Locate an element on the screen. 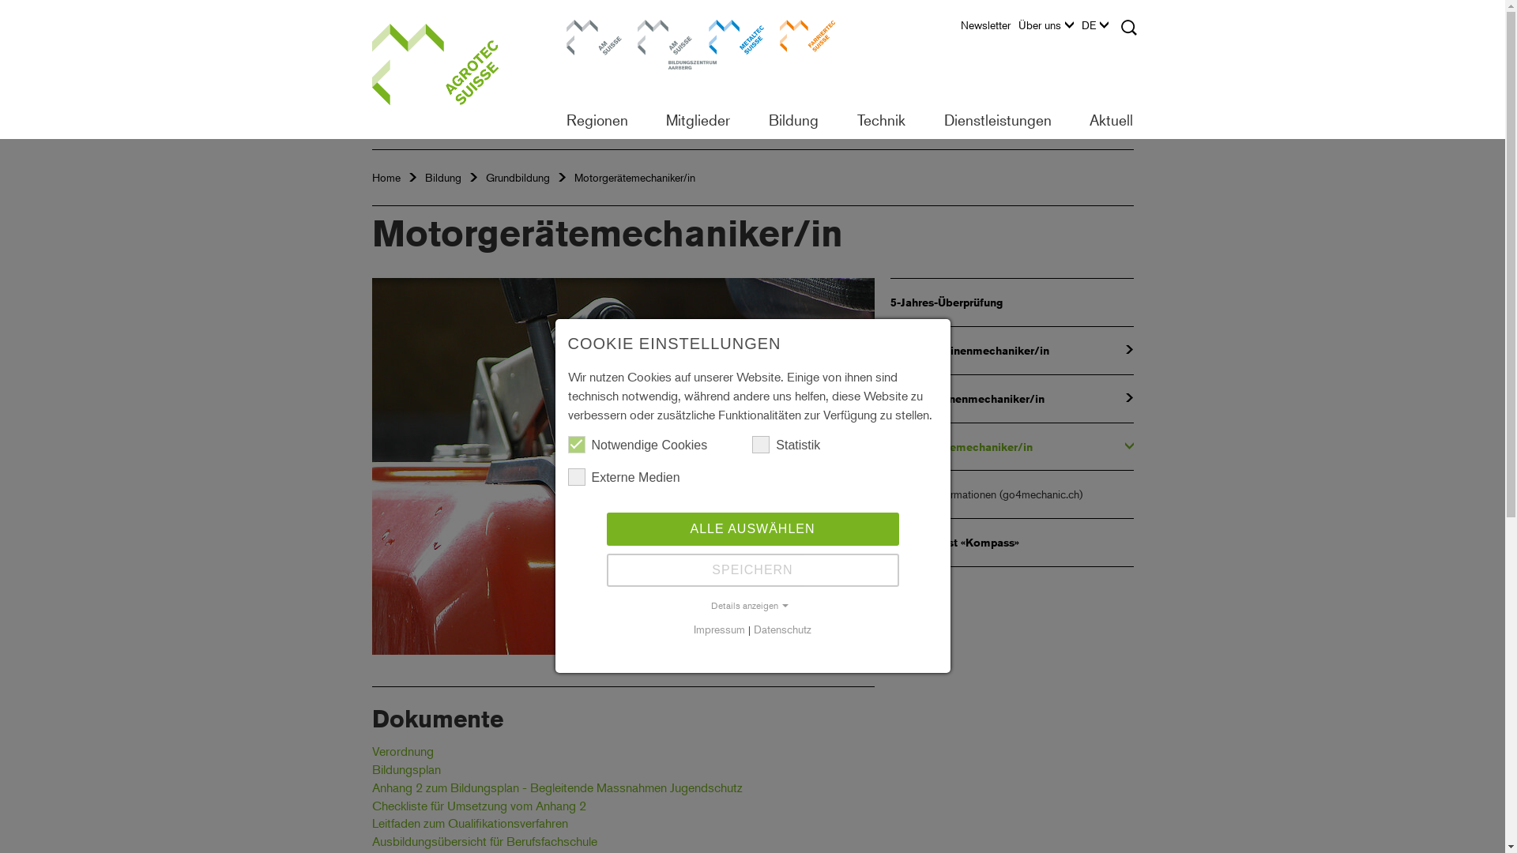 This screenshot has width=1517, height=853. 'Metaltec Suisse' is located at coordinates (707, 47).